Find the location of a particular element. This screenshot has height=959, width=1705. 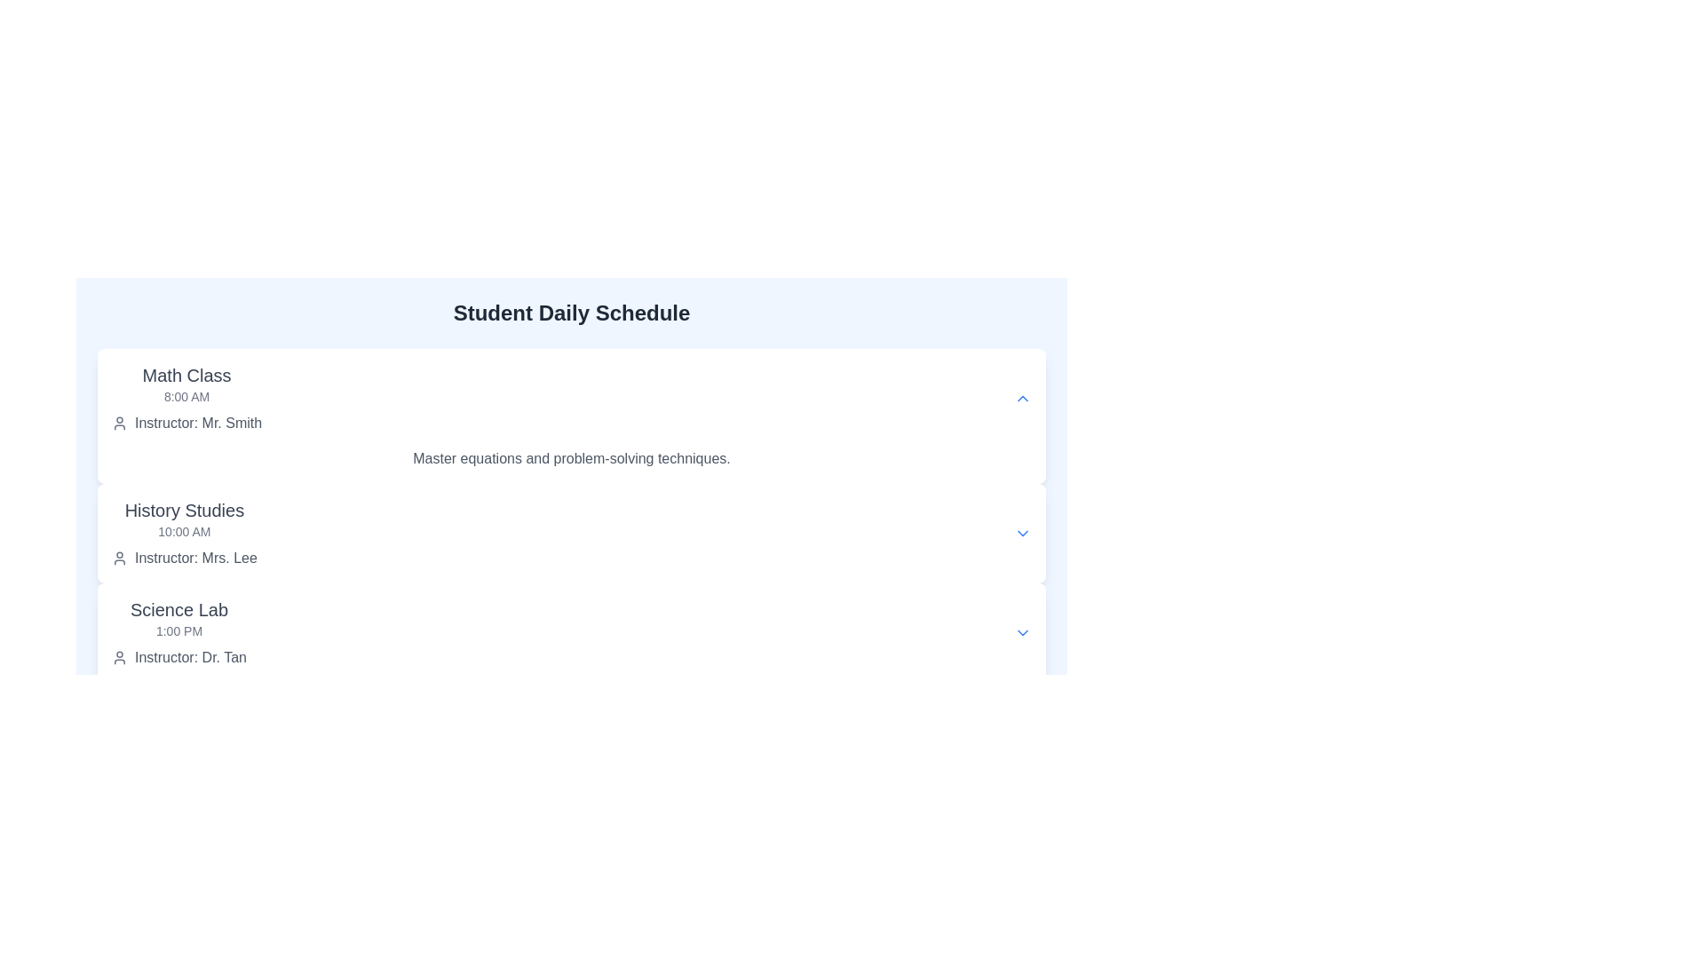

the text label that displays the name of the instructor for the 'History Studies' class, located to the right of the circular user icon is located at coordinates (195, 557).